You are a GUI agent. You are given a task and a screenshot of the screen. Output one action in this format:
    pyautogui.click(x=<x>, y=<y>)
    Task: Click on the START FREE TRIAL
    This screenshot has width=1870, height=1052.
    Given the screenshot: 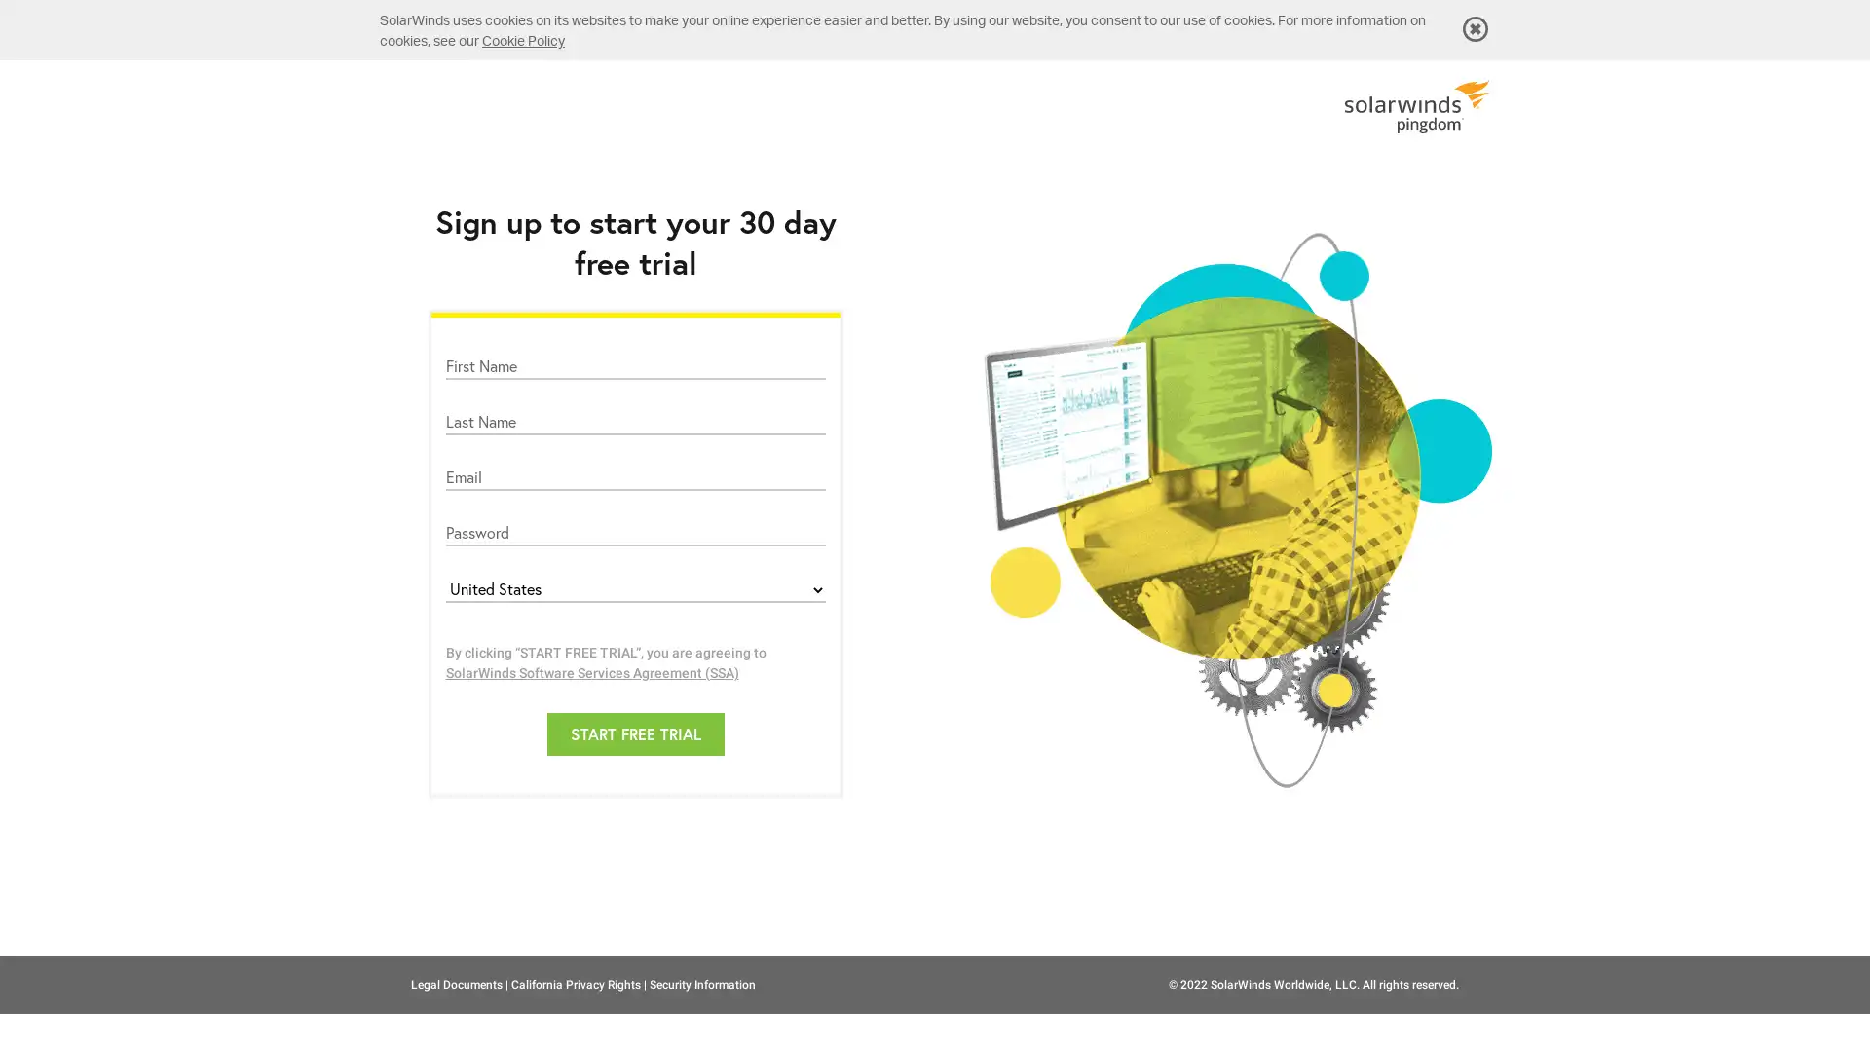 What is the action you would take?
    pyautogui.click(x=635, y=733)
    